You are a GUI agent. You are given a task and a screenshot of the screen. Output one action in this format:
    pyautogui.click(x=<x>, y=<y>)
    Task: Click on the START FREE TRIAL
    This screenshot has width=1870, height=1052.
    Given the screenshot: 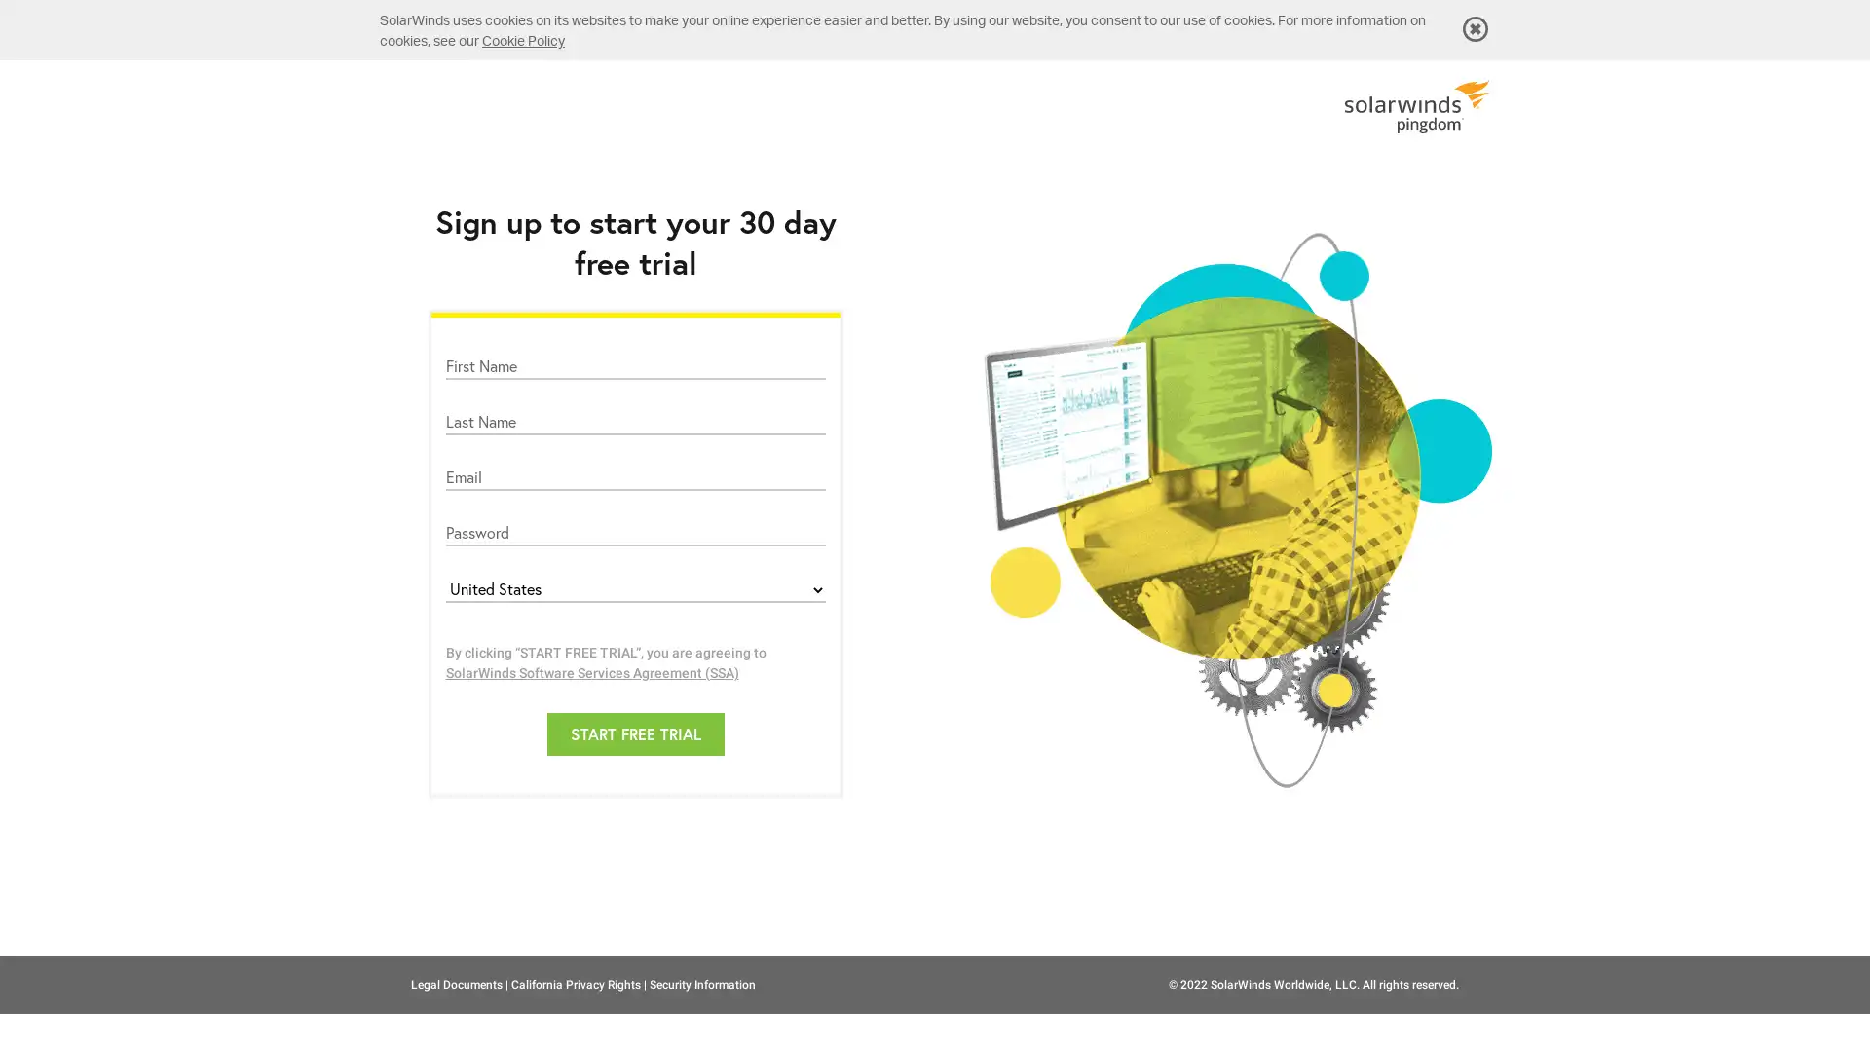 What is the action you would take?
    pyautogui.click(x=635, y=733)
    